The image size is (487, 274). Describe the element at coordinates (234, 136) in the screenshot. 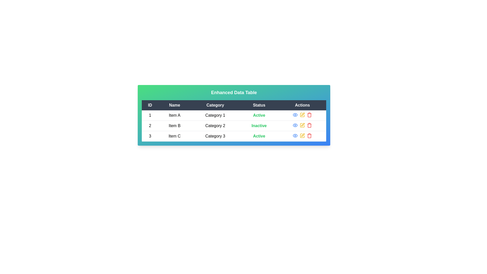

I see `the row corresponding to 3` at that location.